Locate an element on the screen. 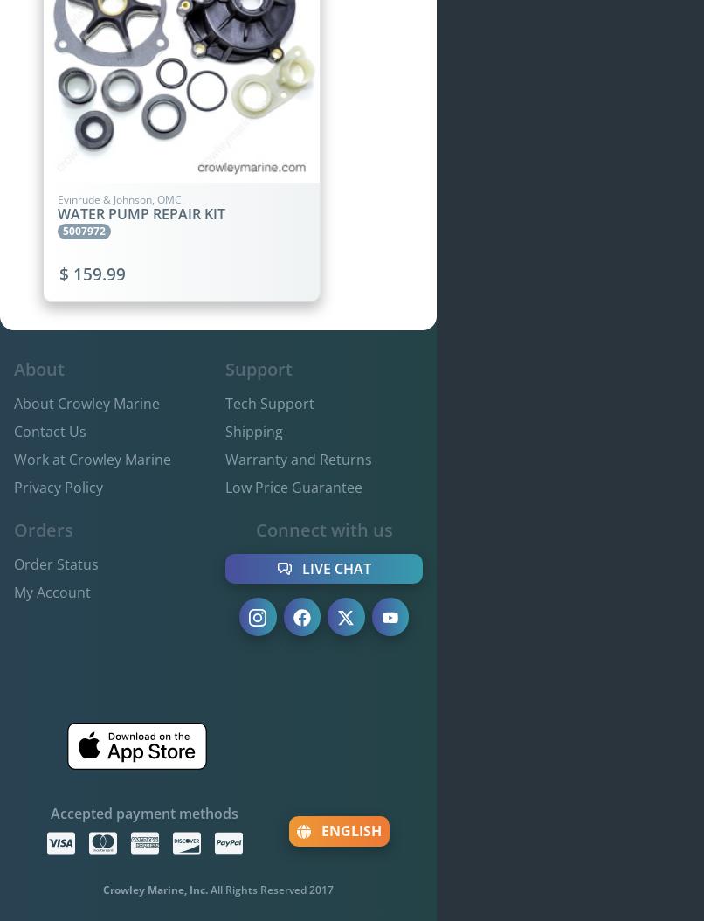 Image resolution: width=704 pixels, height=921 pixels. 'Evinrude & Johnson, OMC' is located at coordinates (120, 198).